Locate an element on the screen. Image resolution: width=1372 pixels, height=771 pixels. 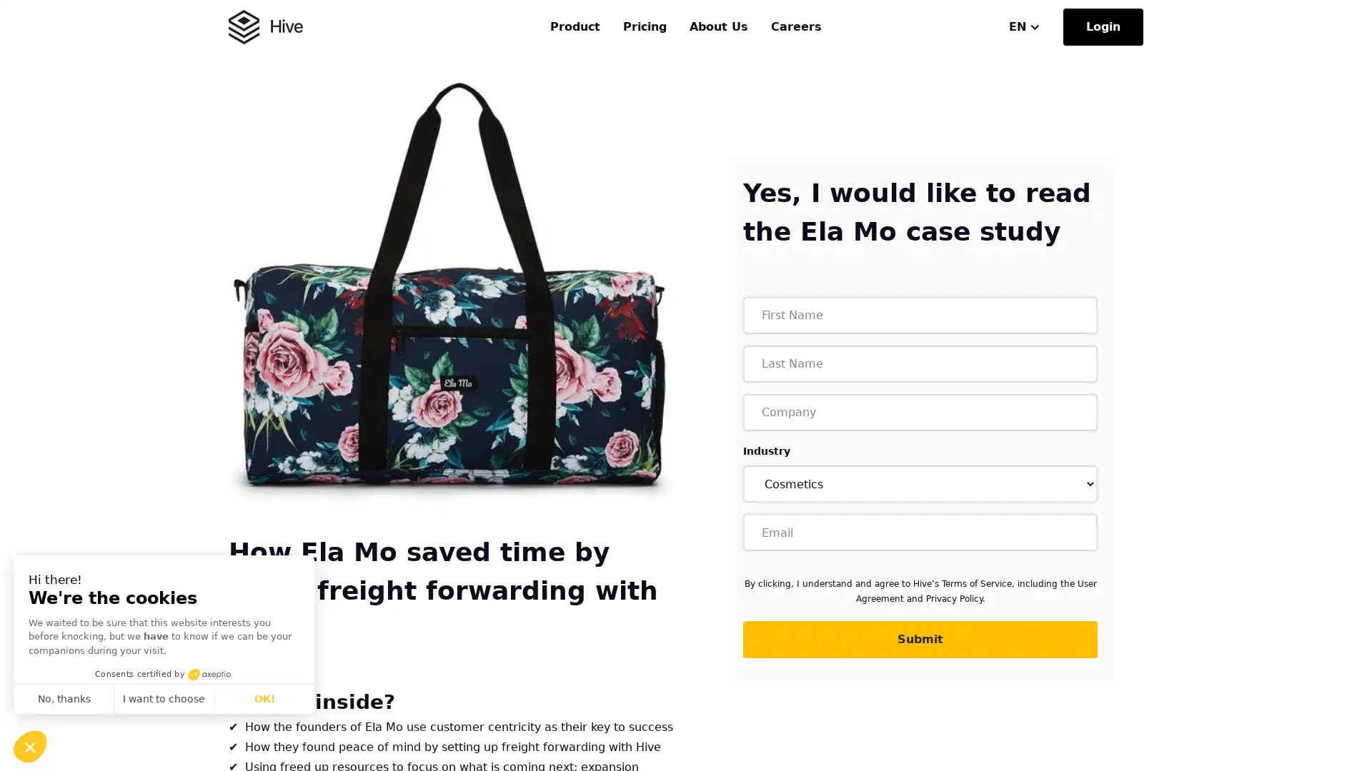
I want to choose is located at coordinates (164, 698).